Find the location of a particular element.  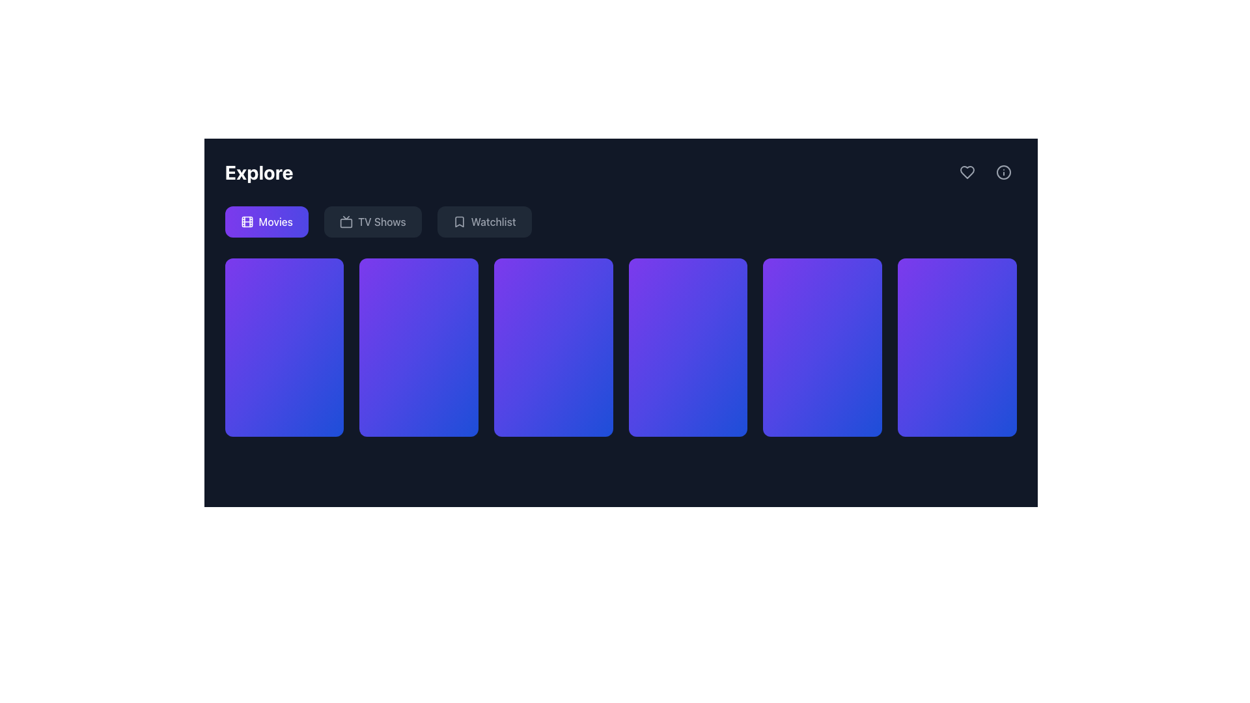

the Text label that serves as a title or header for the section, located in the upper-left section of the interface is located at coordinates (259, 172).